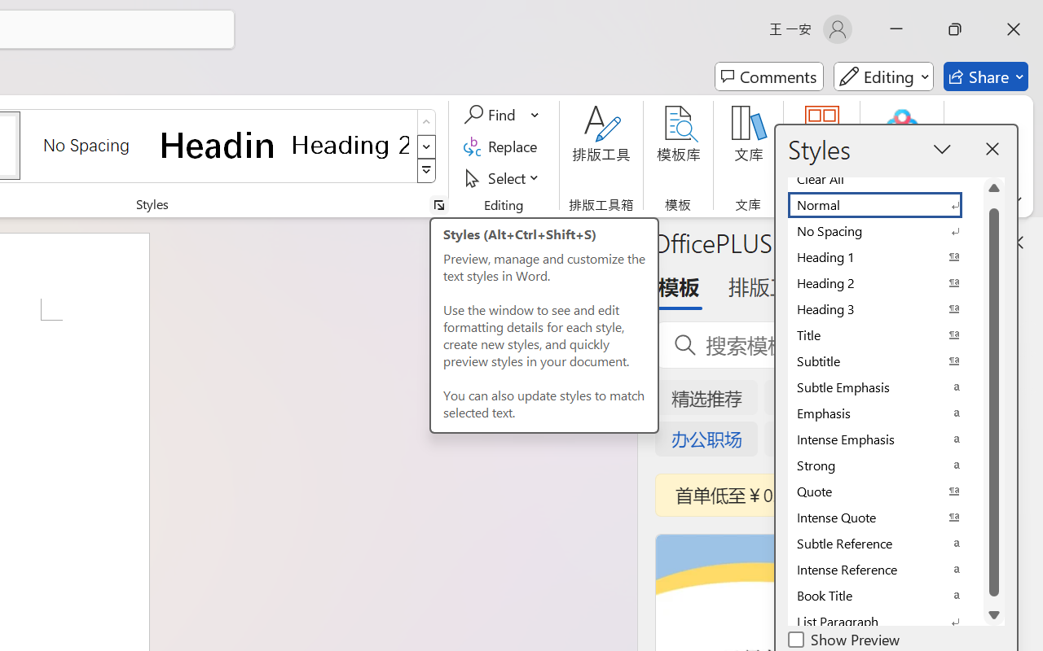 This screenshot has height=651, width=1043. Describe the element at coordinates (882, 76) in the screenshot. I see `'Mode'` at that location.